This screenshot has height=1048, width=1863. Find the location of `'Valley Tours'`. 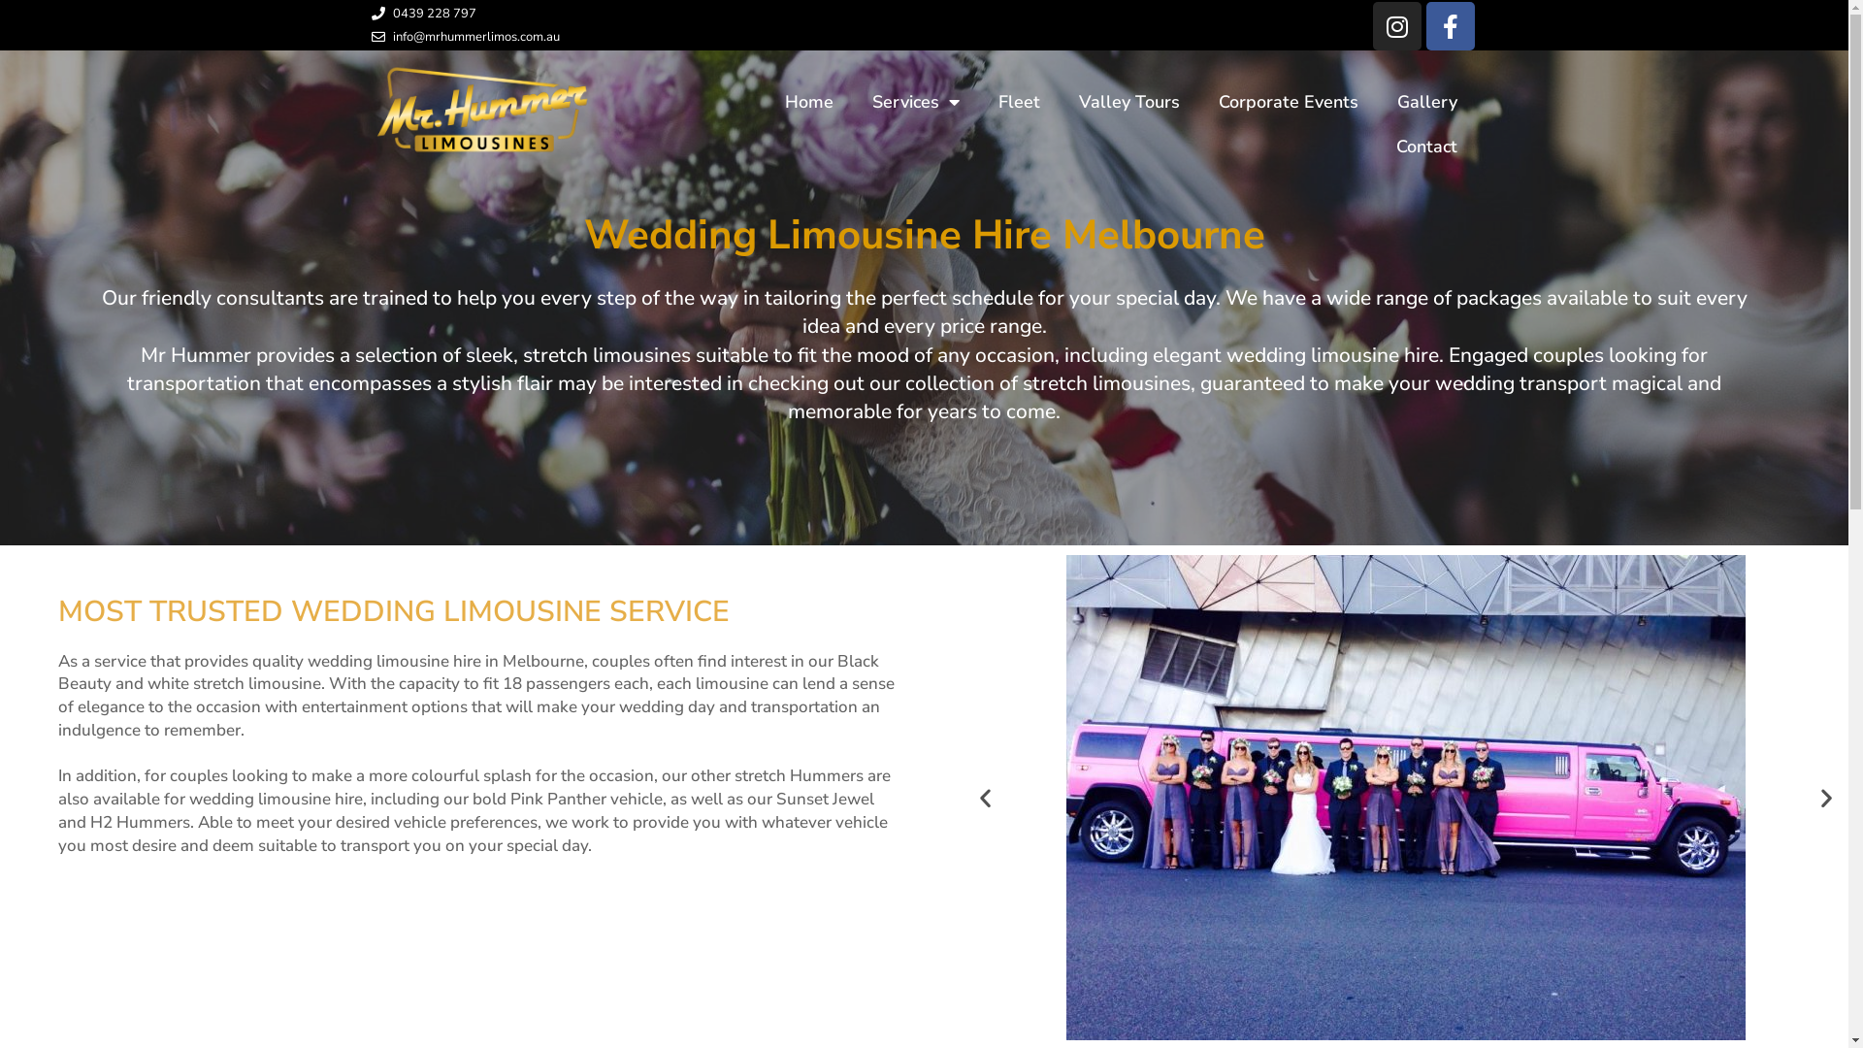

'Valley Tours' is located at coordinates (1058, 101).